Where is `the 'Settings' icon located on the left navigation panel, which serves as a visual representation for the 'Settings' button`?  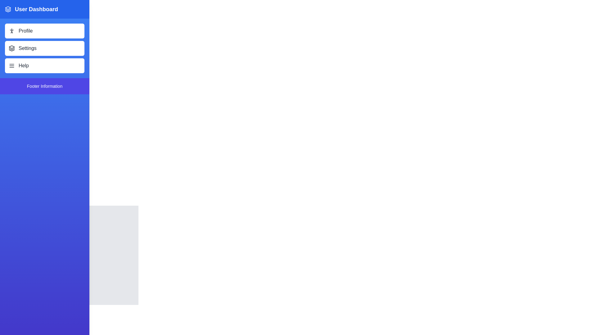 the 'Settings' icon located on the left navigation panel, which serves as a visual representation for the 'Settings' button is located at coordinates (12, 48).